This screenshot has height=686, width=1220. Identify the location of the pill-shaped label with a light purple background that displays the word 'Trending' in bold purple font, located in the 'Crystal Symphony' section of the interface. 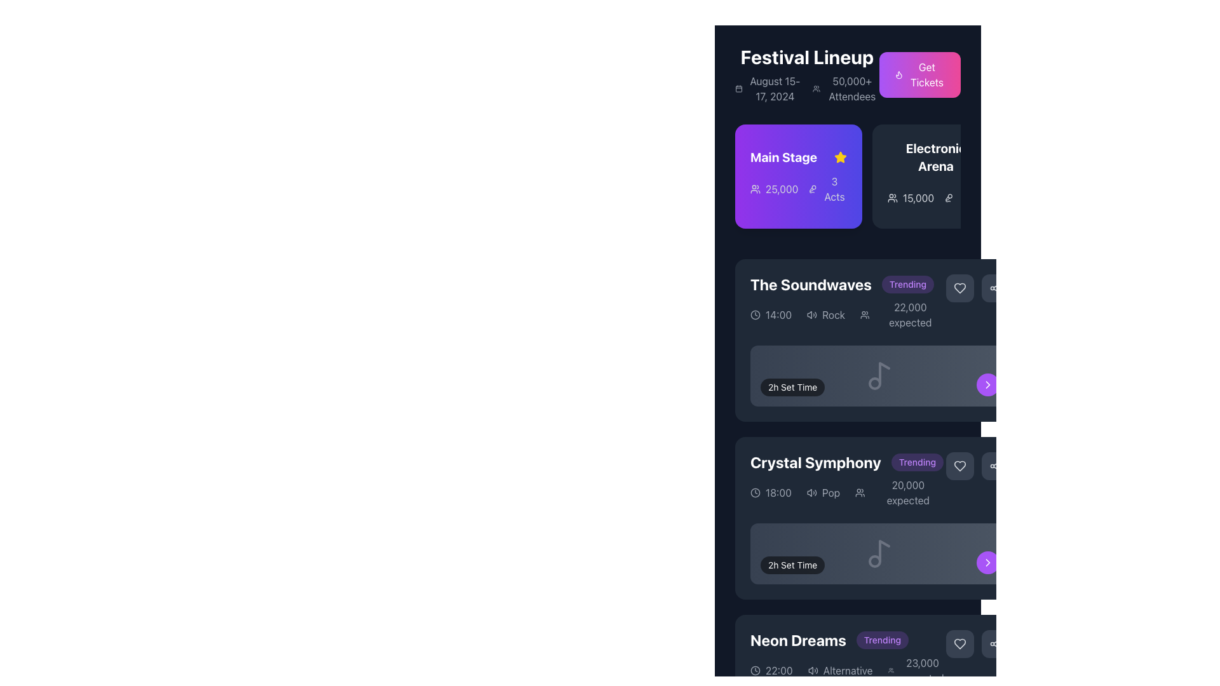
(917, 462).